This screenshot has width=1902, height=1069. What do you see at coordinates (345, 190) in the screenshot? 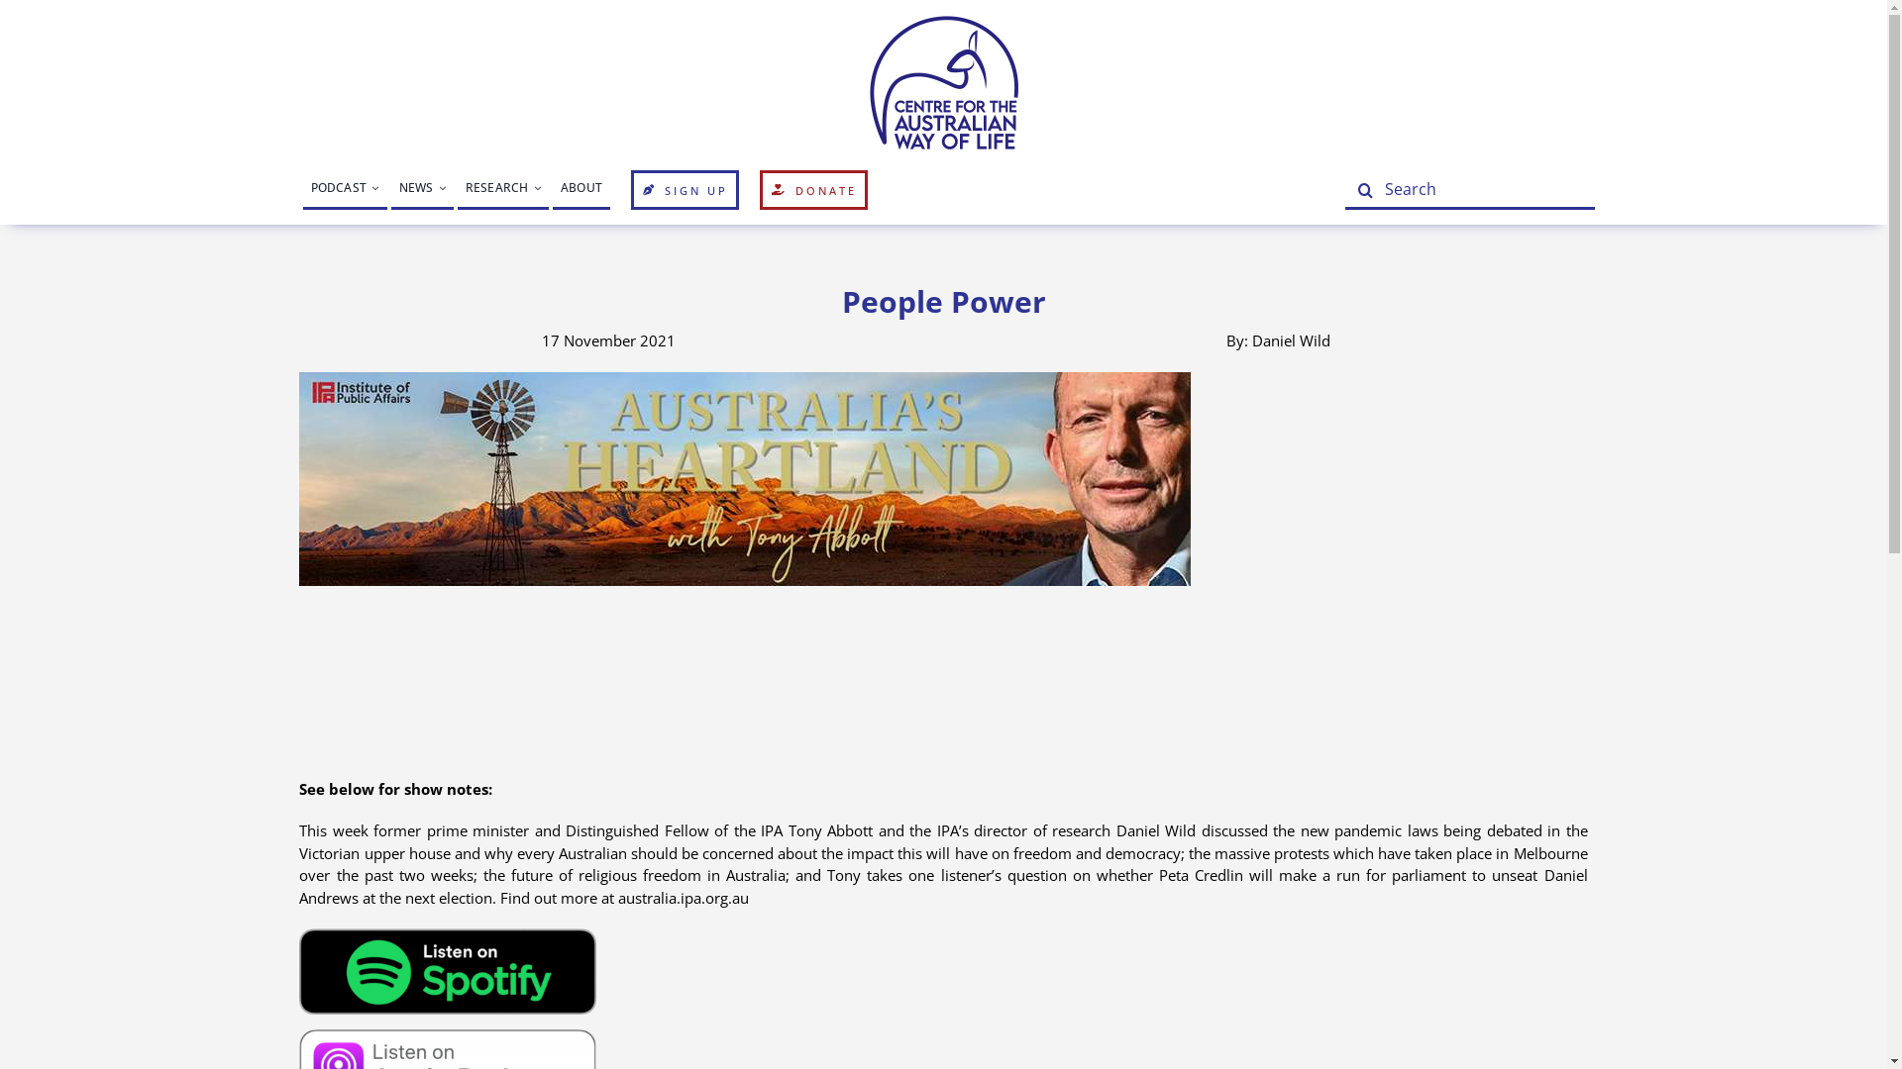
I see `'PODCAST'` at bounding box center [345, 190].